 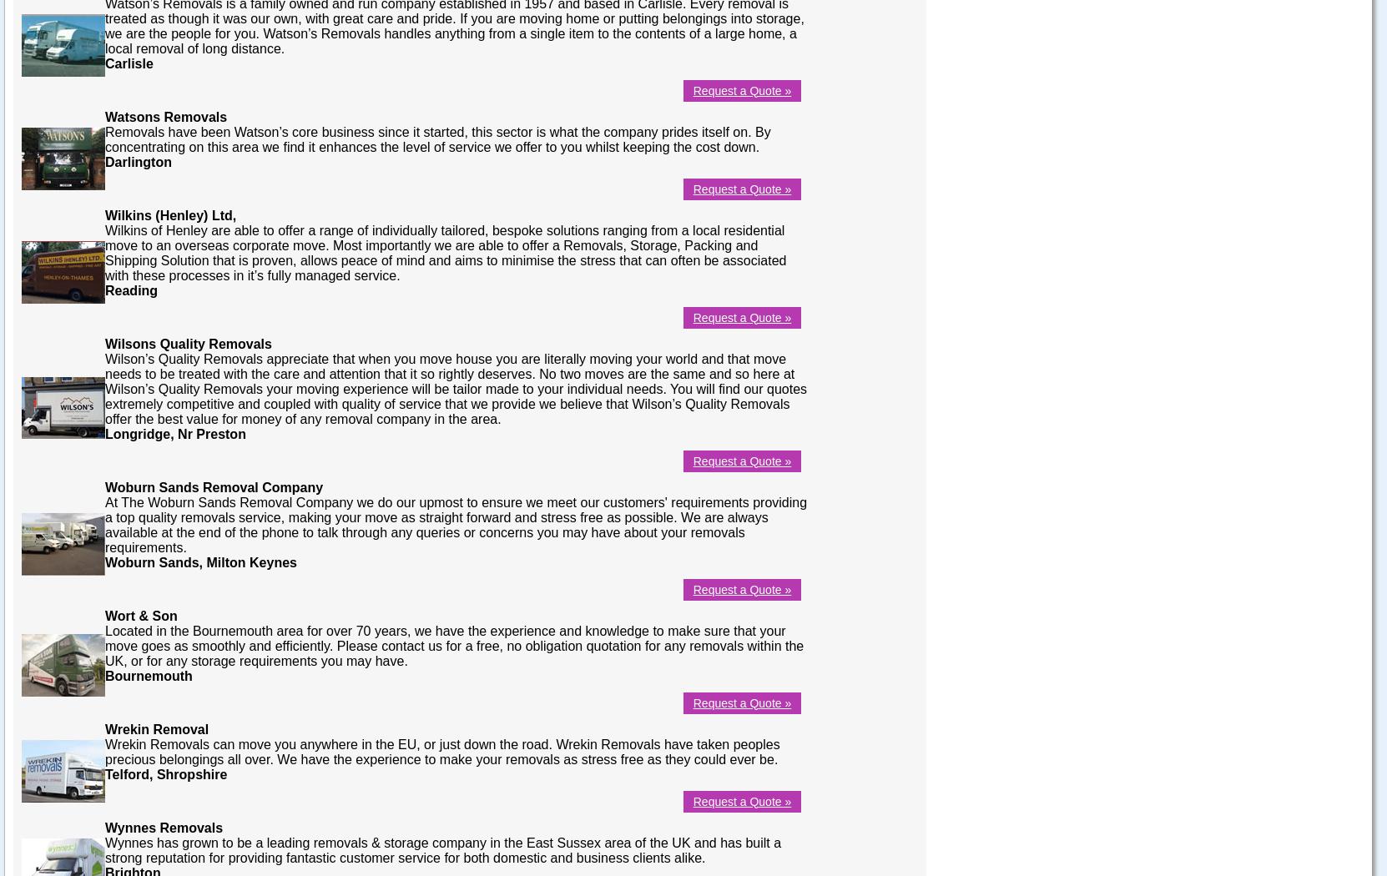 What do you see at coordinates (441, 751) in the screenshot?
I see `'Wrekin Removals can move you anywhere in the EU, or just down the road. Wrekin Removals have taken peoples precious belongings all over. We have the experience to make your removals as stress free as they could ever be.'` at bounding box center [441, 751].